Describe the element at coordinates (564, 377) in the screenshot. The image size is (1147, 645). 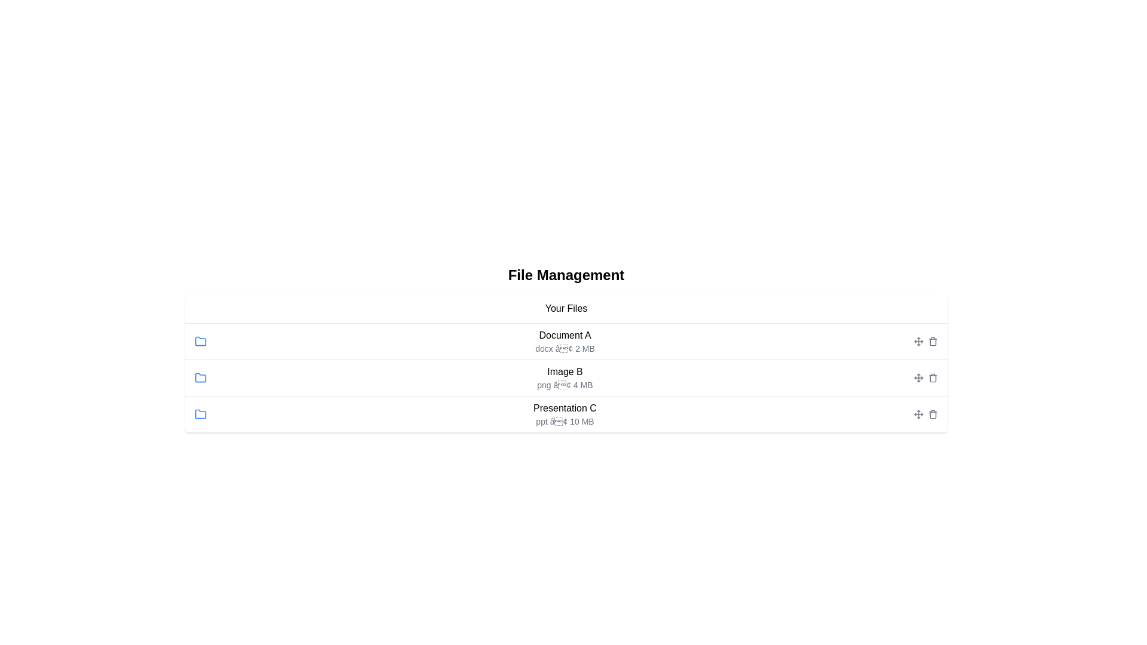
I see `the second row file entry displaying 'Image B png • 4 MB' in the file management interface` at that location.